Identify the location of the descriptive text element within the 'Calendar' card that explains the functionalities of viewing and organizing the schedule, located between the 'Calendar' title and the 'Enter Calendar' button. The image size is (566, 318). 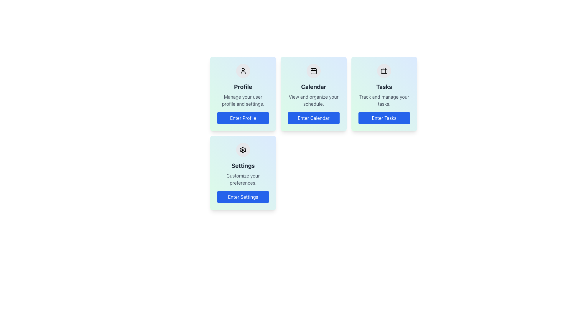
(313, 100).